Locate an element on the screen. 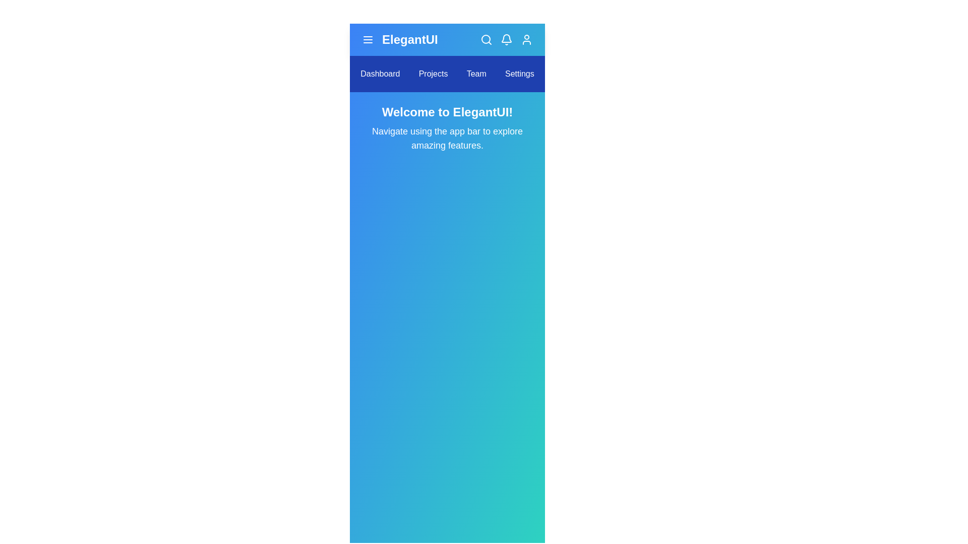 Image resolution: width=968 pixels, height=544 pixels. the search icon in the app bar is located at coordinates (486, 39).